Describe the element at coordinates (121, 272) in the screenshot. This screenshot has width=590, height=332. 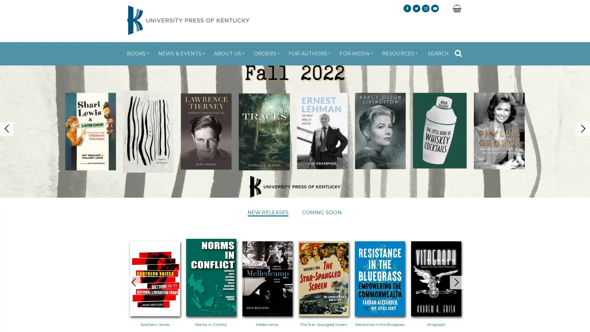
I see `Previous` at that location.